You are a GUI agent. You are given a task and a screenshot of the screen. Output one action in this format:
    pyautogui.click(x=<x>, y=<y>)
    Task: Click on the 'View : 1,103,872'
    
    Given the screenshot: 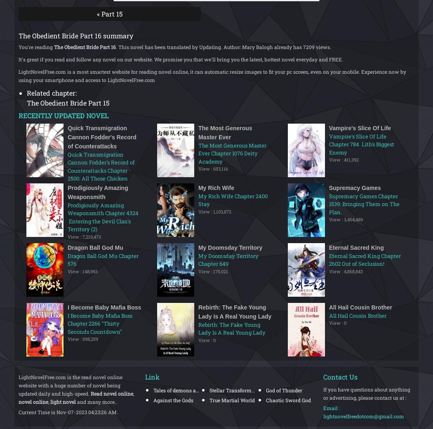 What is the action you would take?
    pyautogui.click(x=198, y=211)
    